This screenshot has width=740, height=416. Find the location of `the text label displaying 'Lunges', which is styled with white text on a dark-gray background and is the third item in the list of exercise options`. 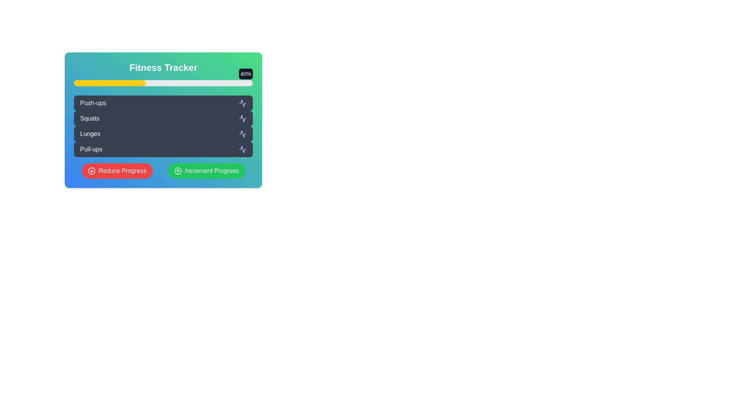

the text label displaying 'Lunges', which is styled with white text on a dark-gray background and is the third item in the list of exercise options is located at coordinates (90, 133).